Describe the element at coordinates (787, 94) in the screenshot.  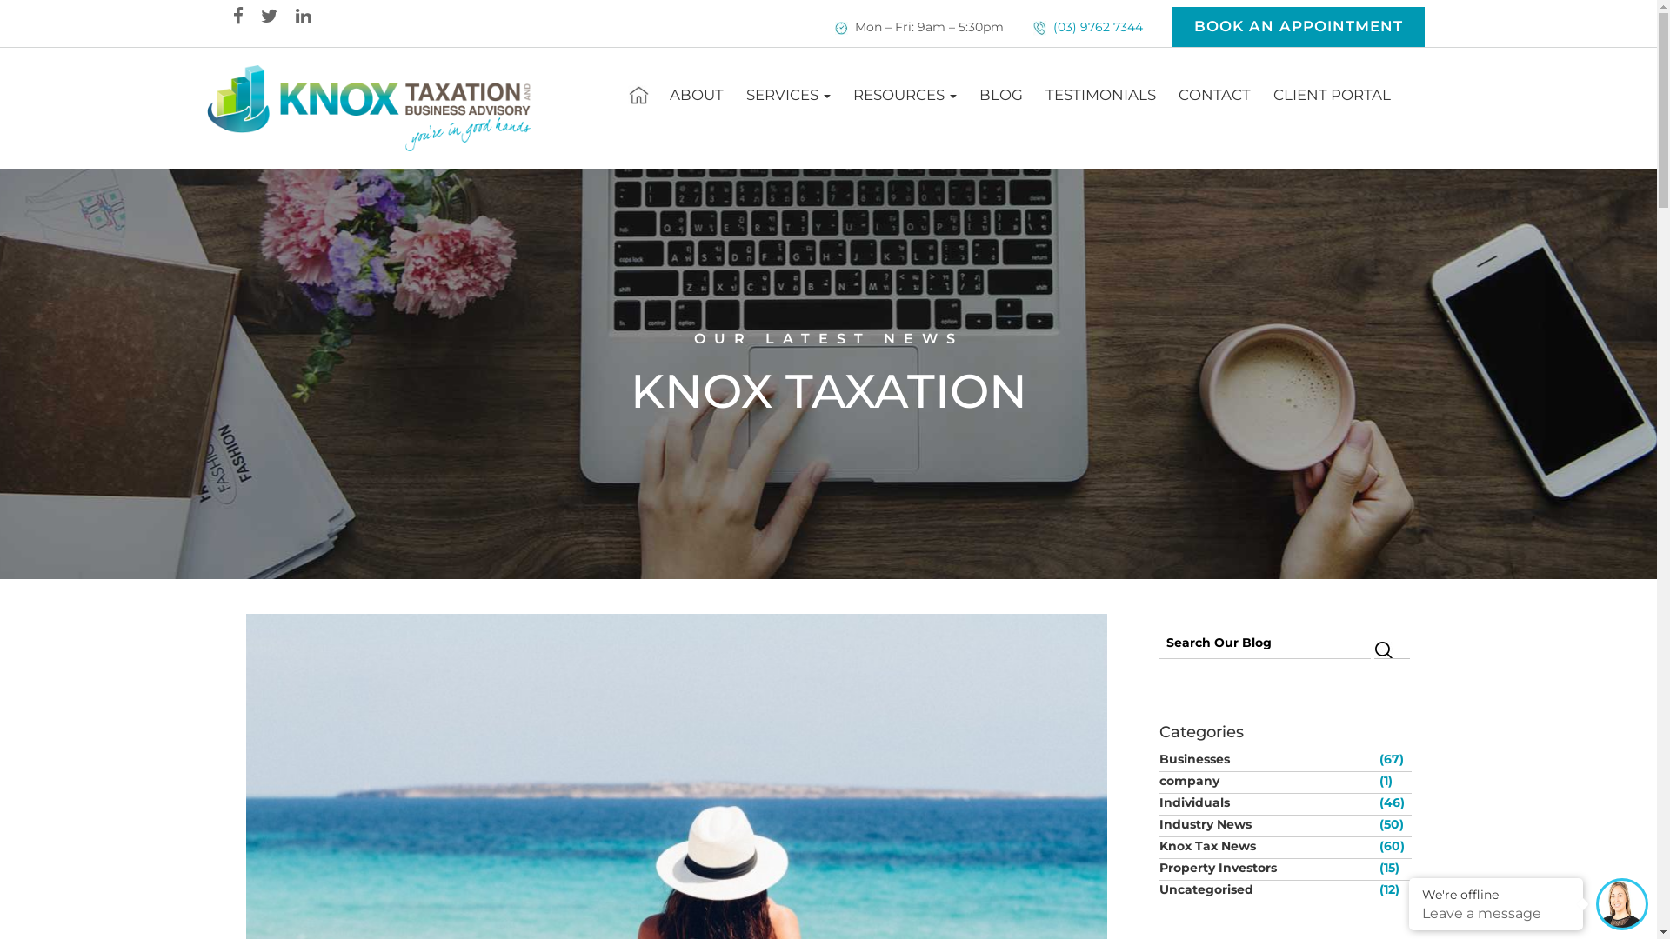
I see `'SERVICES'` at that location.